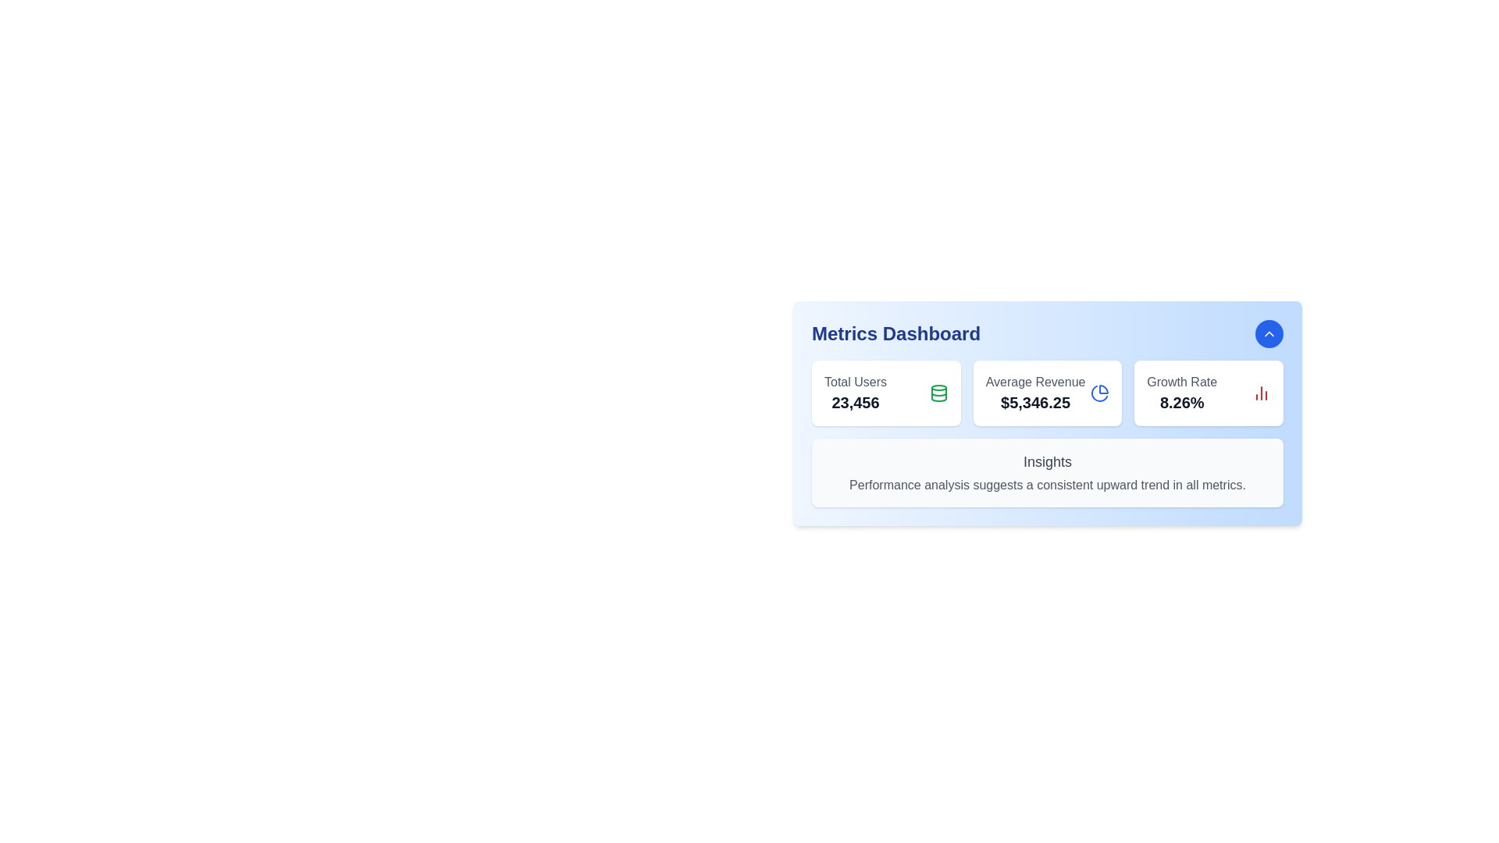 The height and width of the screenshot is (843, 1499). Describe the element at coordinates (1035, 402) in the screenshot. I see `value displayed in the monetary text element showing '$5,346.25', which is prominently styled and located below the label 'Average Revenue' in the 'Metrics Dashboard' card` at that location.